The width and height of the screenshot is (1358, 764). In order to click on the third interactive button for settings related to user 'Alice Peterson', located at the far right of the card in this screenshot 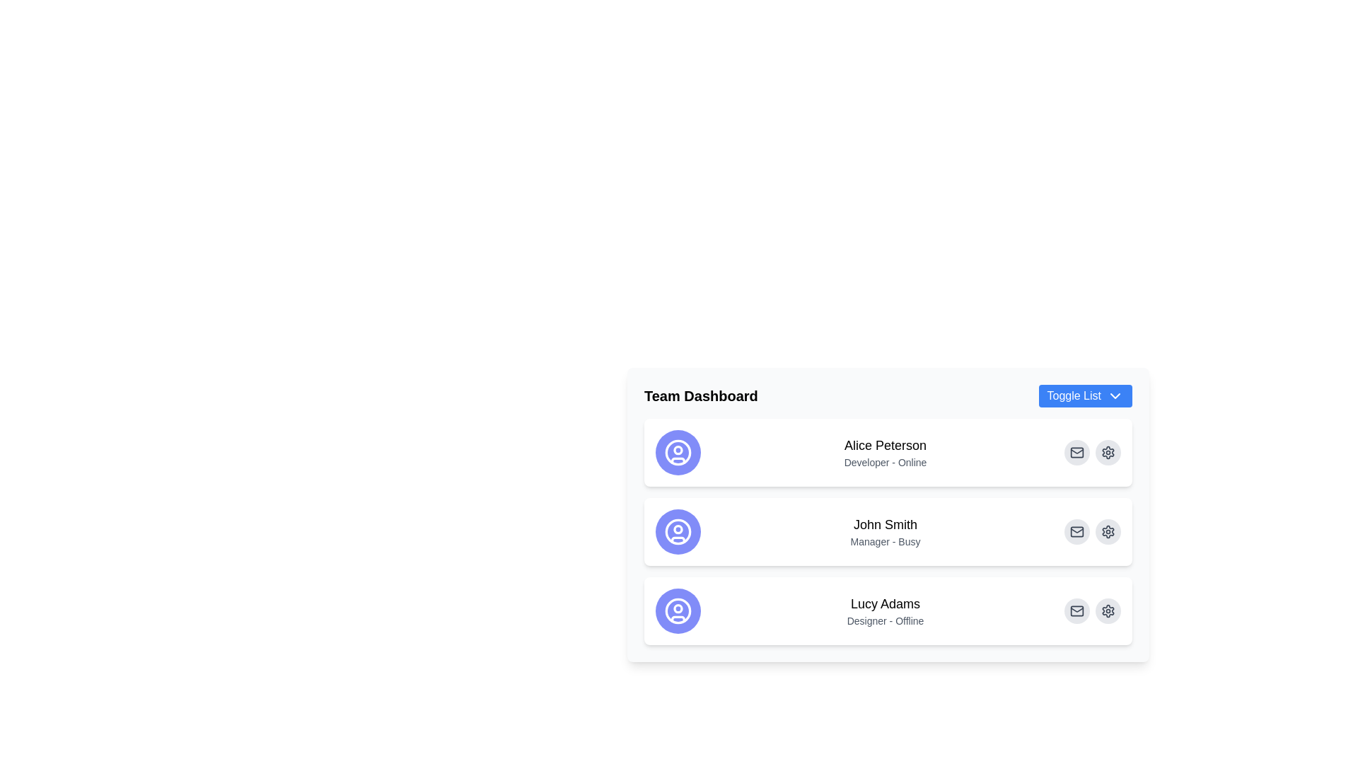, I will do `click(1107, 453)`.